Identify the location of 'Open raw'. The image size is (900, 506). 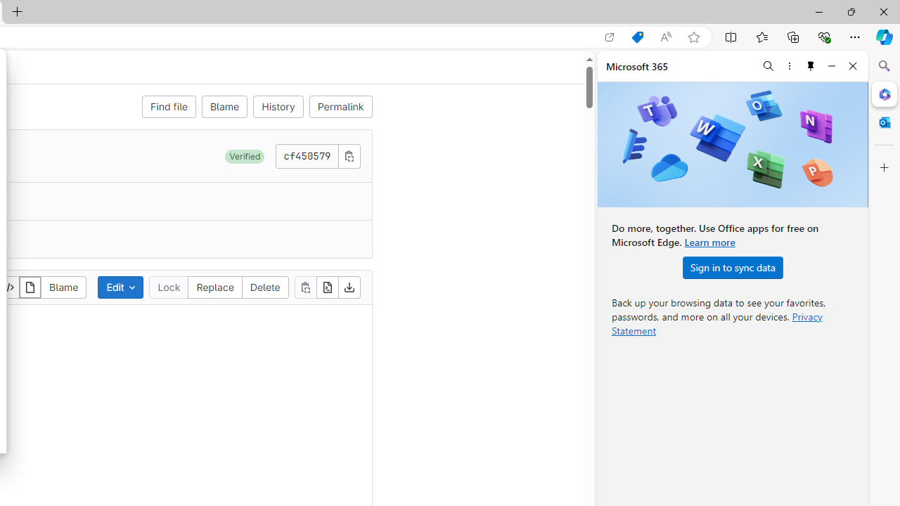
(326, 286).